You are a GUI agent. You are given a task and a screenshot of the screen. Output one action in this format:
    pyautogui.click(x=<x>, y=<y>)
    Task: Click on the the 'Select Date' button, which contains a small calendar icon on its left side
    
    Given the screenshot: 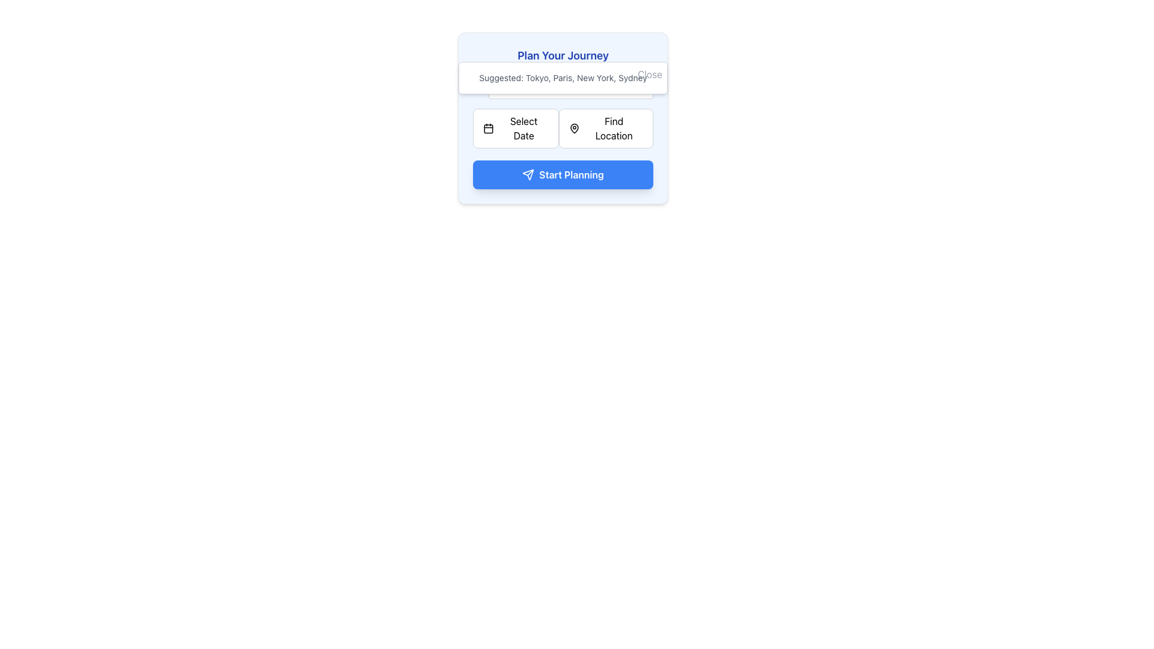 What is the action you would take?
    pyautogui.click(x=488, y=128)
    